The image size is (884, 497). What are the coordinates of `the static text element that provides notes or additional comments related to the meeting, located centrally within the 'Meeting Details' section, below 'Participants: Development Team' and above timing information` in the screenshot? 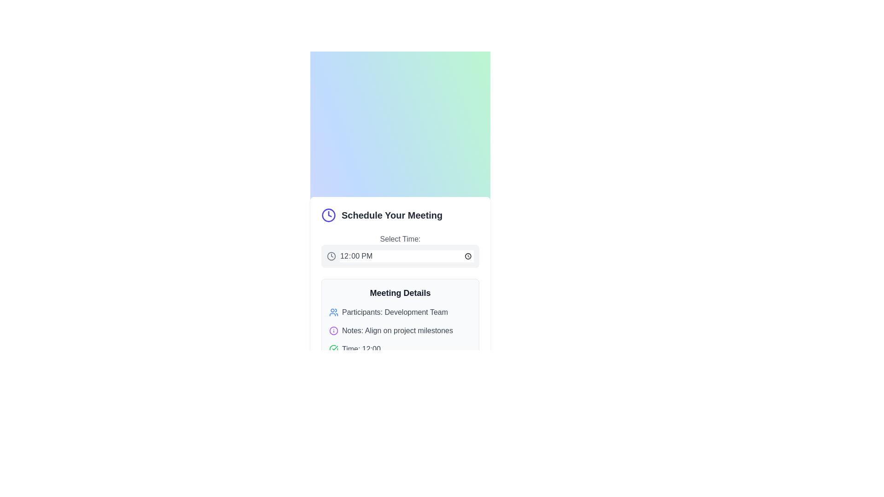 It's located at (397, 330).